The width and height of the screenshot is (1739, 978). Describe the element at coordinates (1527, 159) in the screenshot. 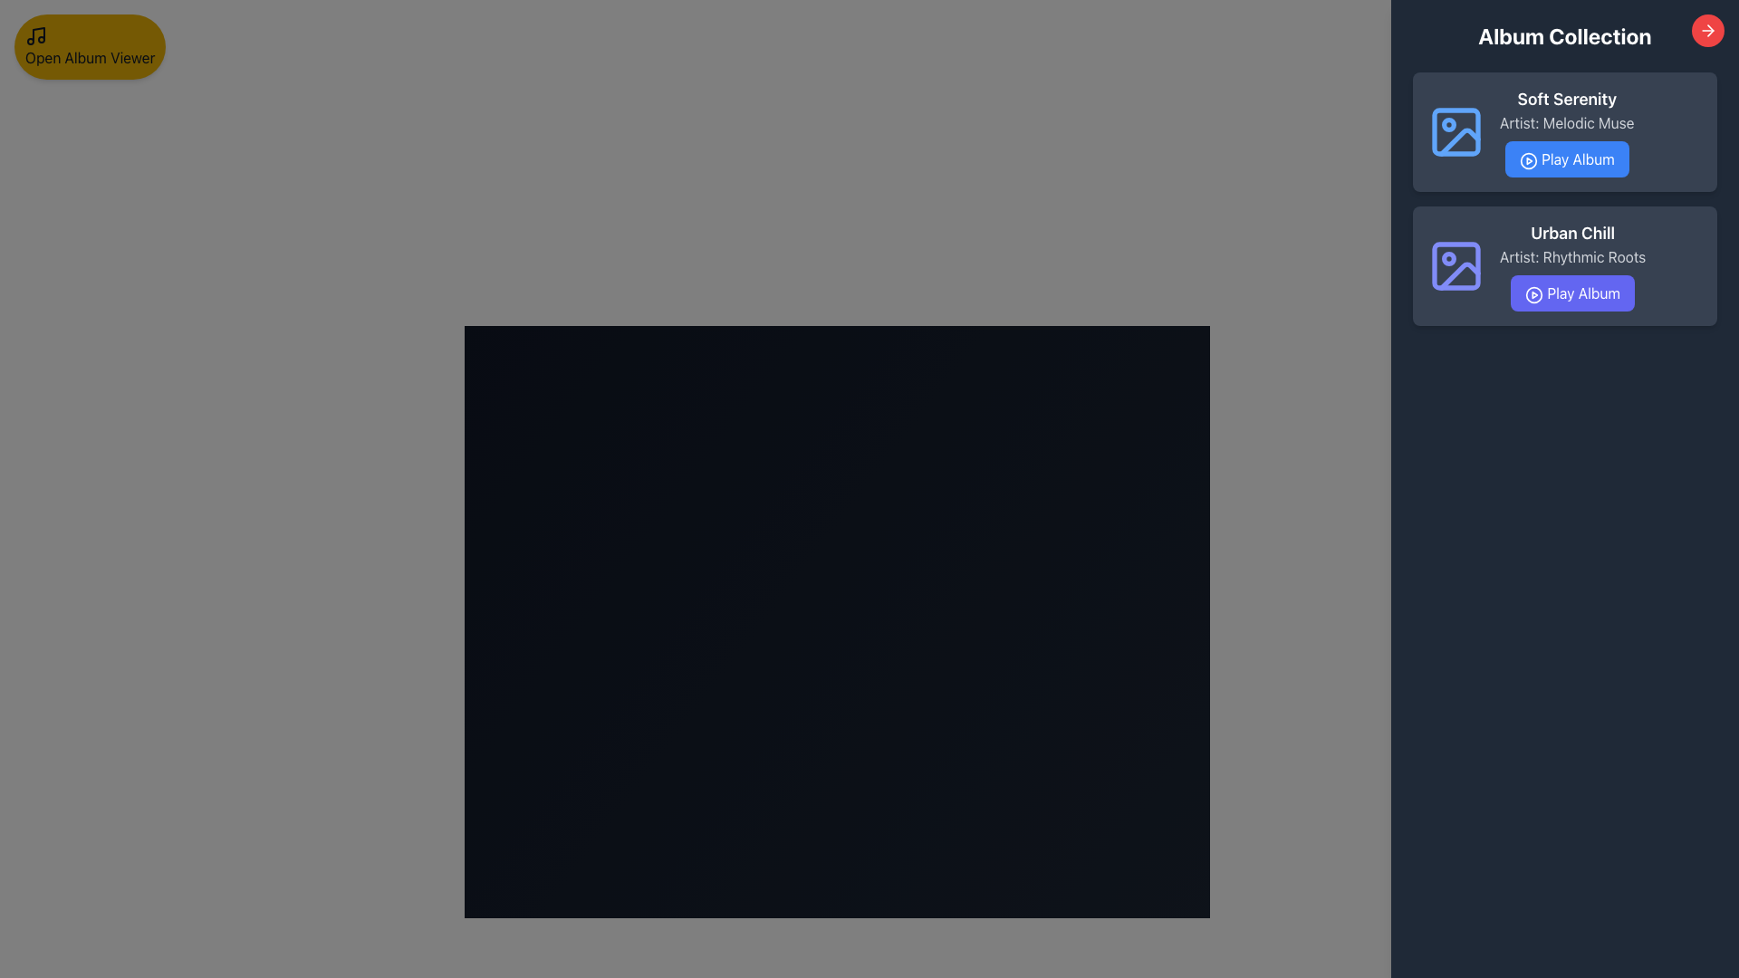

I see `the circular play icon inside the 'Play Album' button` at that location.